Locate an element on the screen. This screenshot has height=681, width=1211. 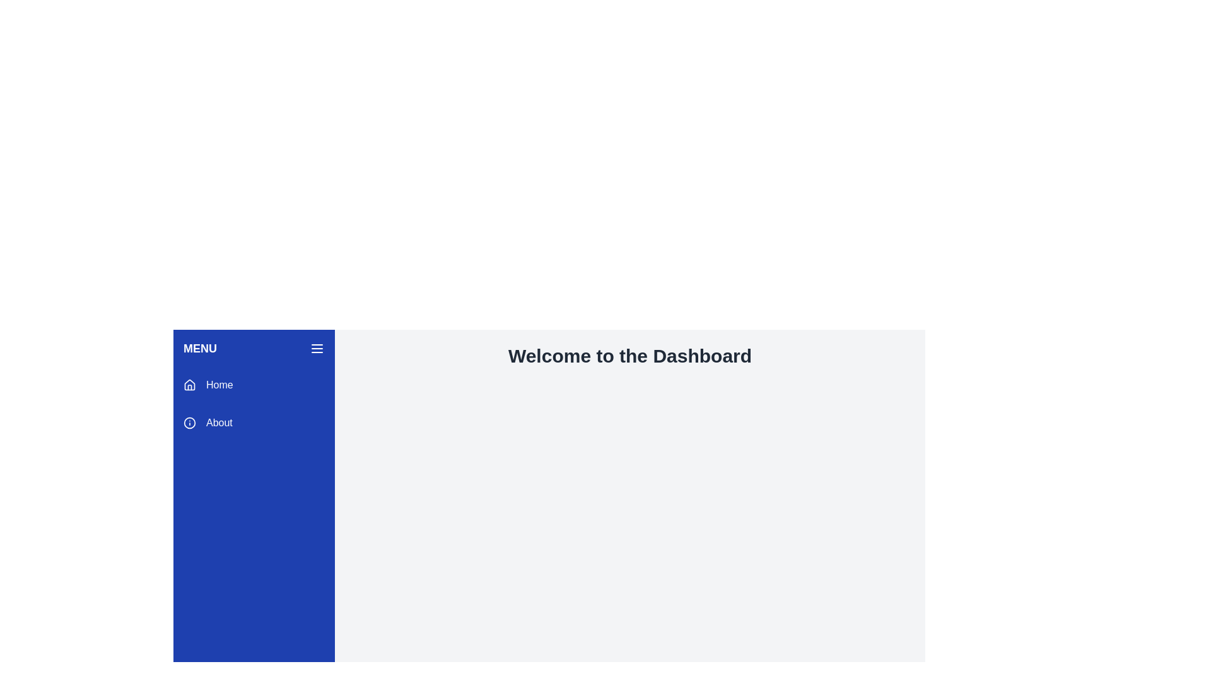
the static text header that serves as a welcoming message for the dashboard page, which is centrally located above the main body content is located at coordinates (629, 356).